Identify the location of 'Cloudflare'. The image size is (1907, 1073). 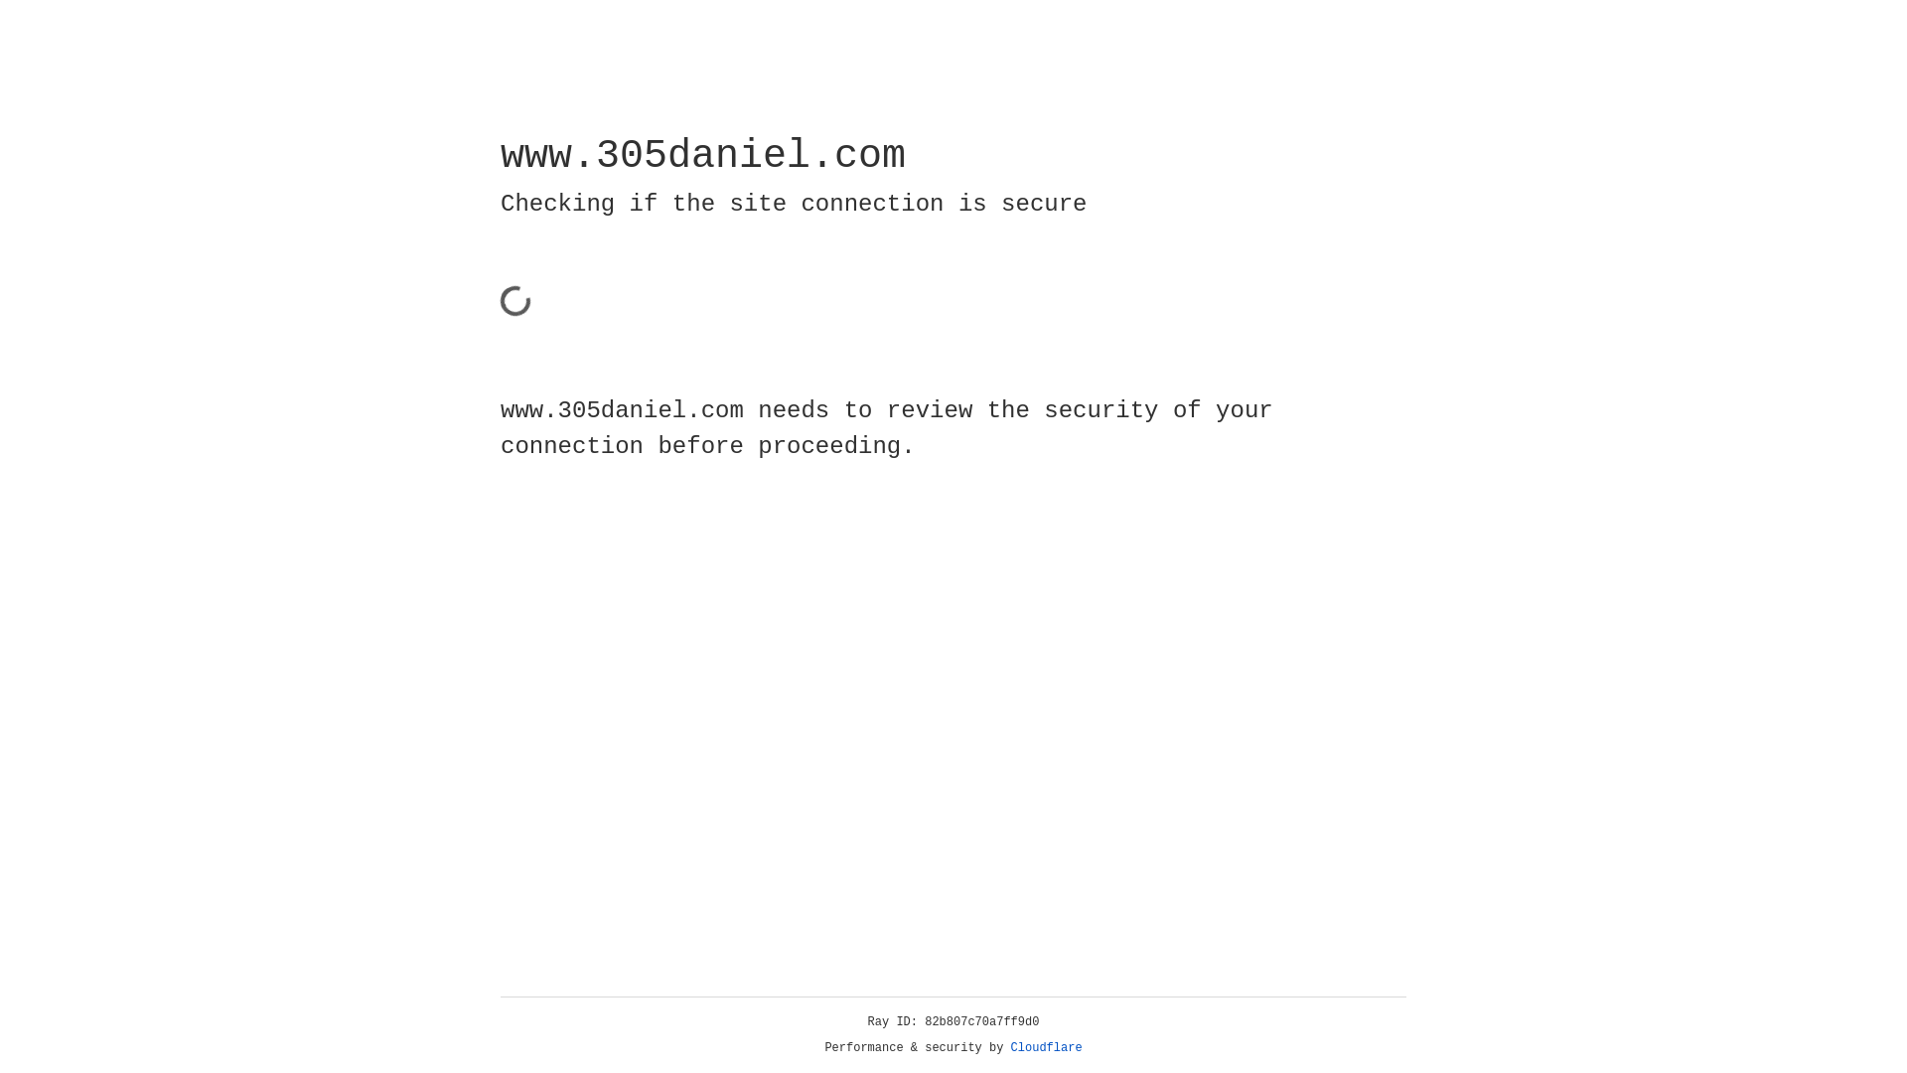
(1010, 1047).